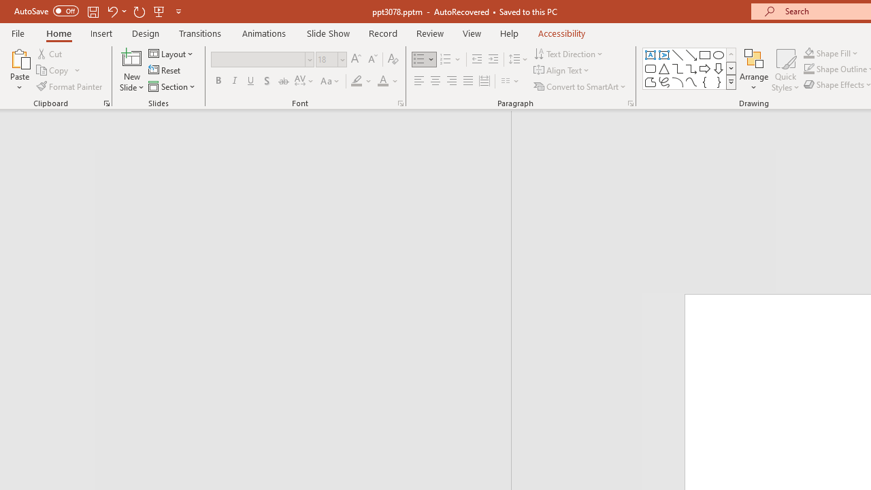 The image size is (871, 490). What do you see at coordinates (165, 70) in the screenshot?
I see `'Reset'` at bounding box center [165, 70].